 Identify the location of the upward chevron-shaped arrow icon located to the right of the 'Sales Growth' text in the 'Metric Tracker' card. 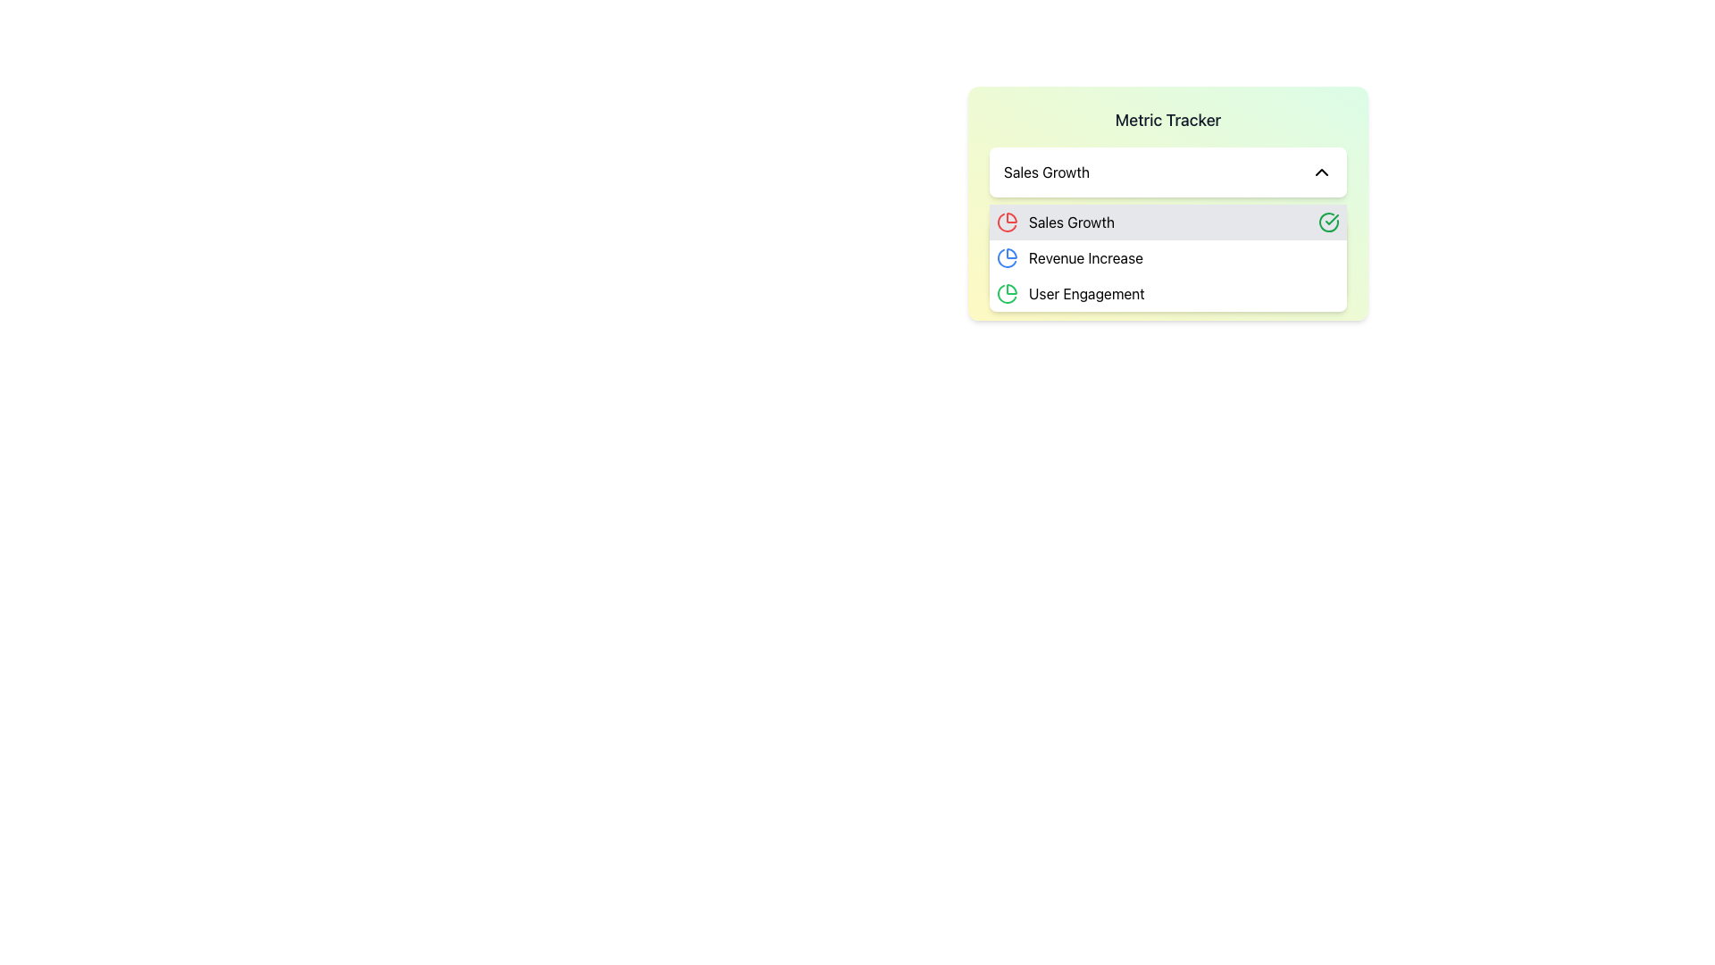
(1321, 172).